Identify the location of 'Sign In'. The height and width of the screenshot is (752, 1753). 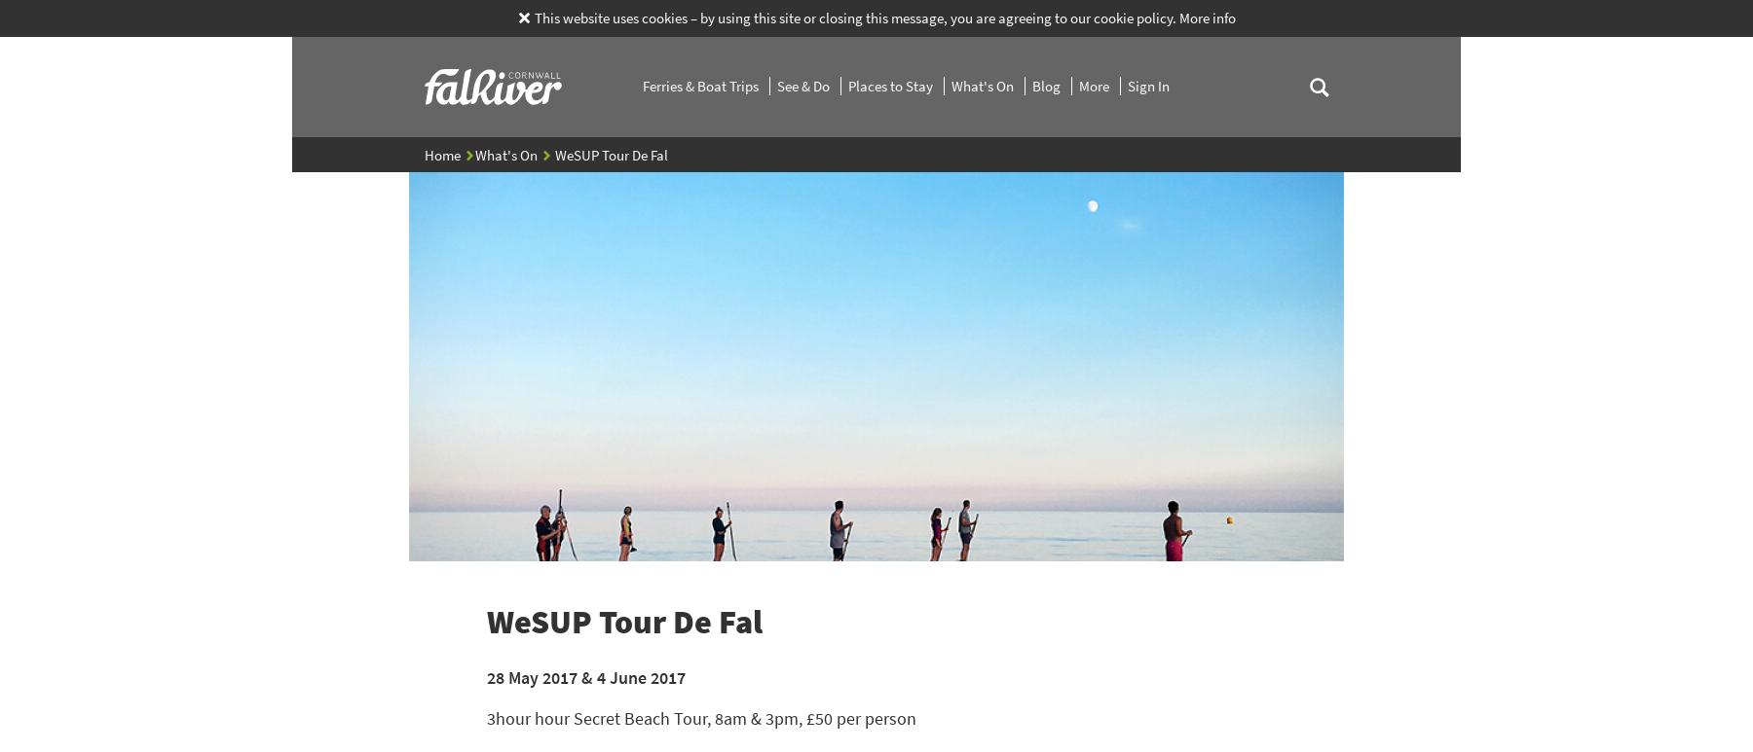
(1147, 85).